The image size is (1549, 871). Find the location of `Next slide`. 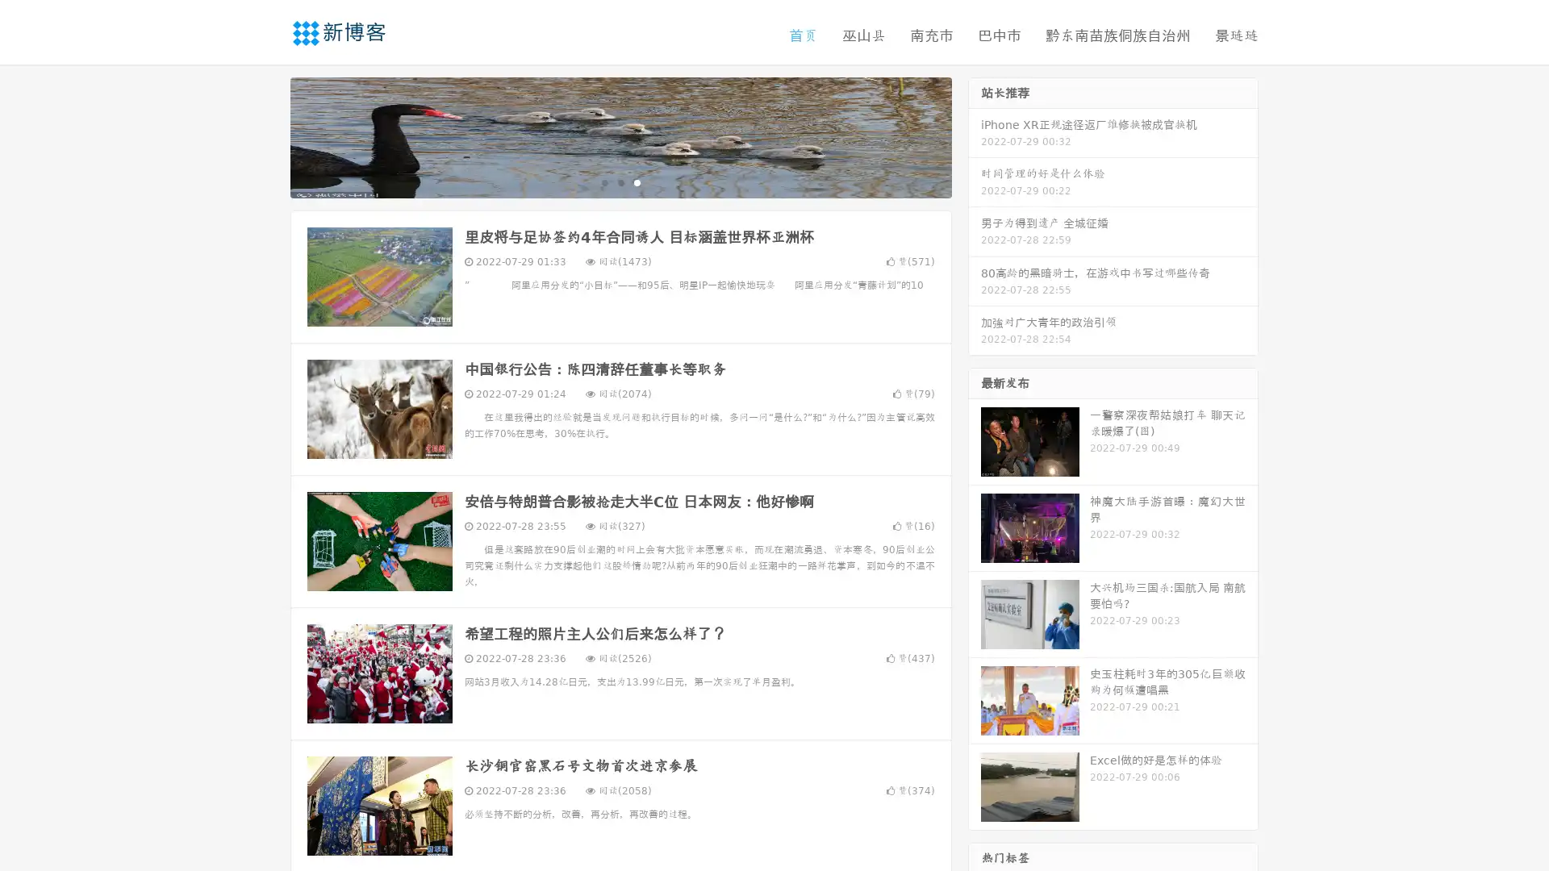

Next slide is located at coordinates (975, 135).